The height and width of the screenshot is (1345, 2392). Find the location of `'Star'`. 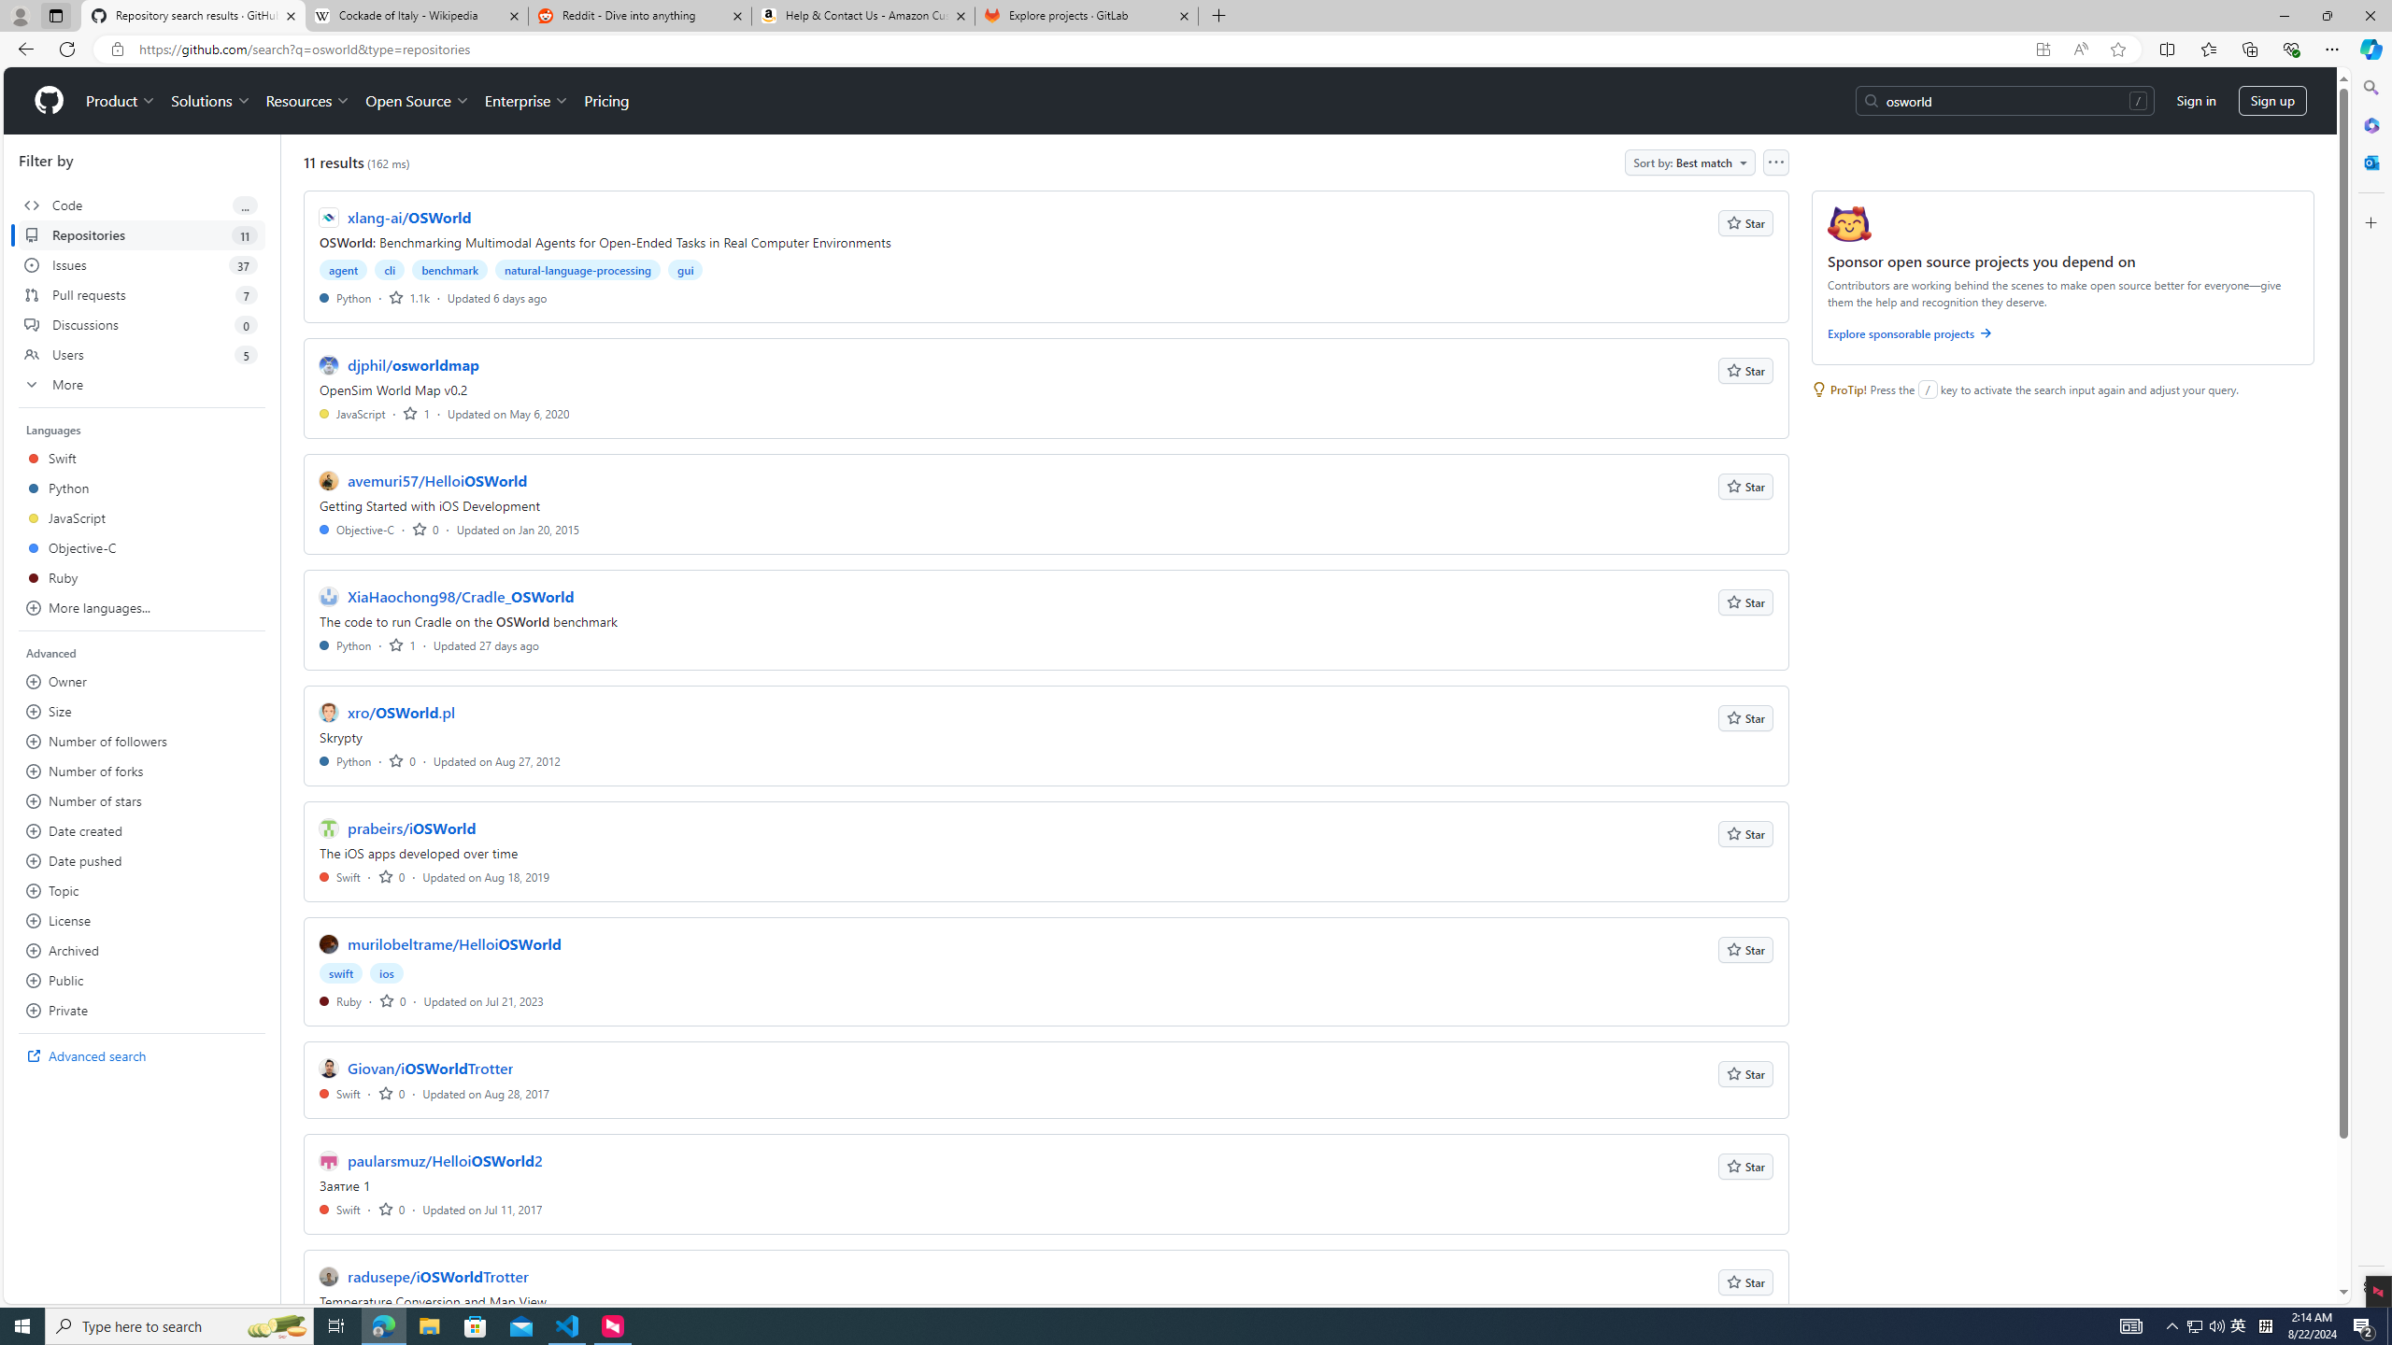

'Star' is located at coordinates (1744, 1281).